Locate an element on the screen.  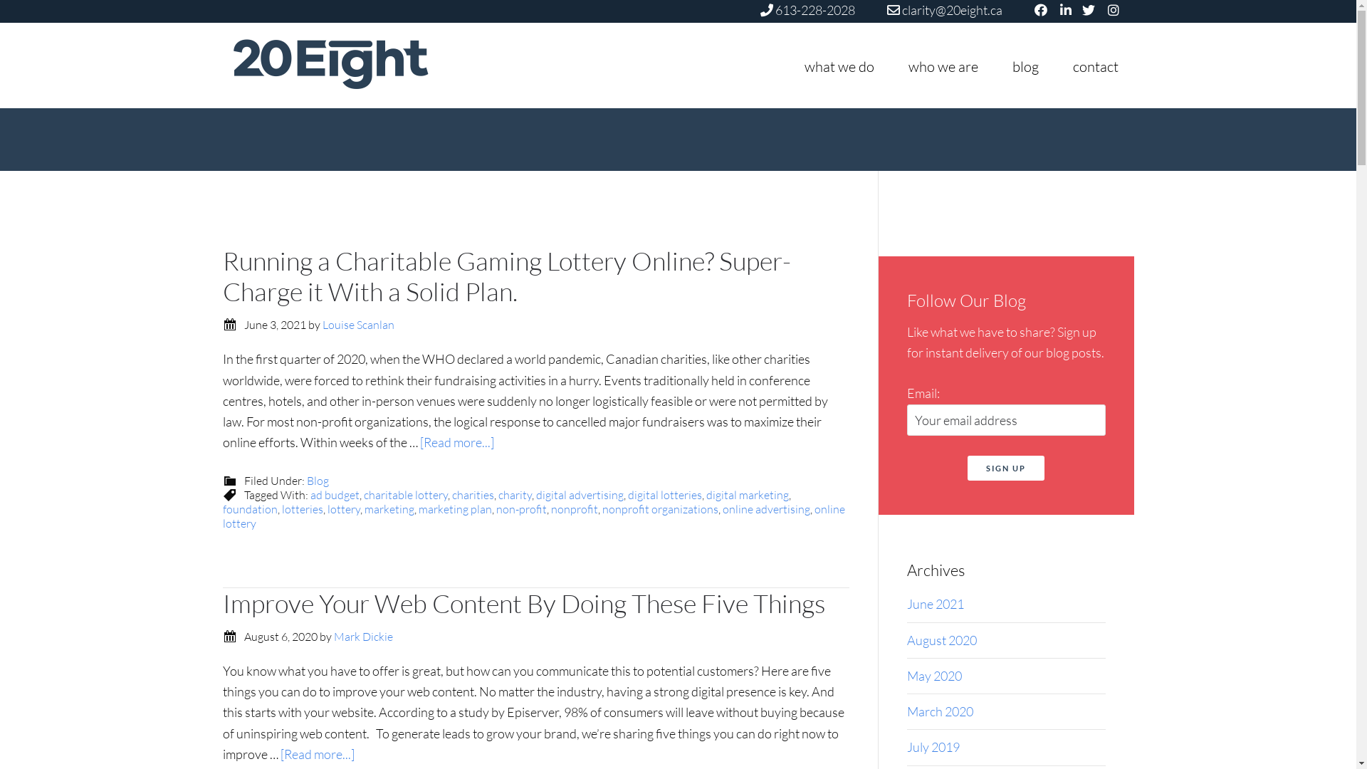
'Mark Dickie' is located at coordinates (362, 636).